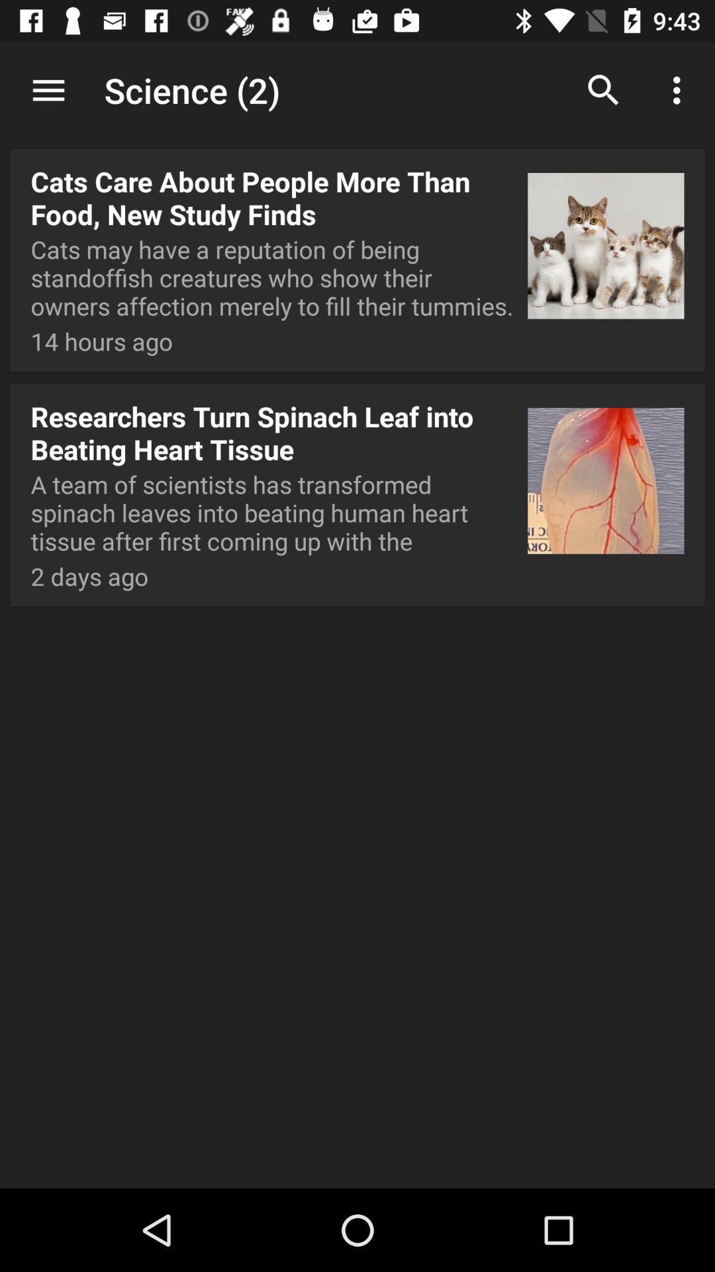  Describe the element at coordinates (603, 89) in the screenshot. I see `app next to the science (2) app` at that location.